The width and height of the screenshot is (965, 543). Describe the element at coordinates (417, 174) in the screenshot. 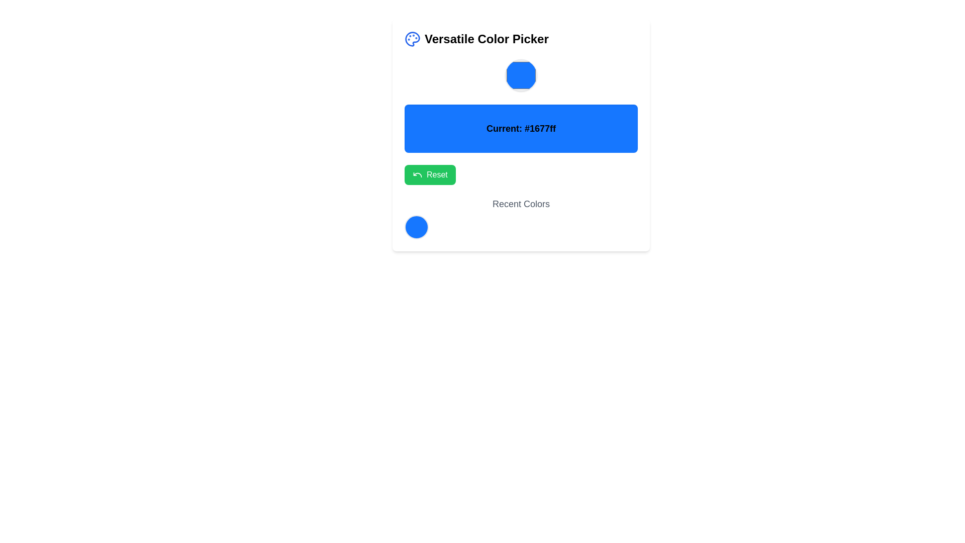

I see `the reset icon located inside the green rectangular button labeled 'Reset', positioned at the leftmost part of the button` at that location.